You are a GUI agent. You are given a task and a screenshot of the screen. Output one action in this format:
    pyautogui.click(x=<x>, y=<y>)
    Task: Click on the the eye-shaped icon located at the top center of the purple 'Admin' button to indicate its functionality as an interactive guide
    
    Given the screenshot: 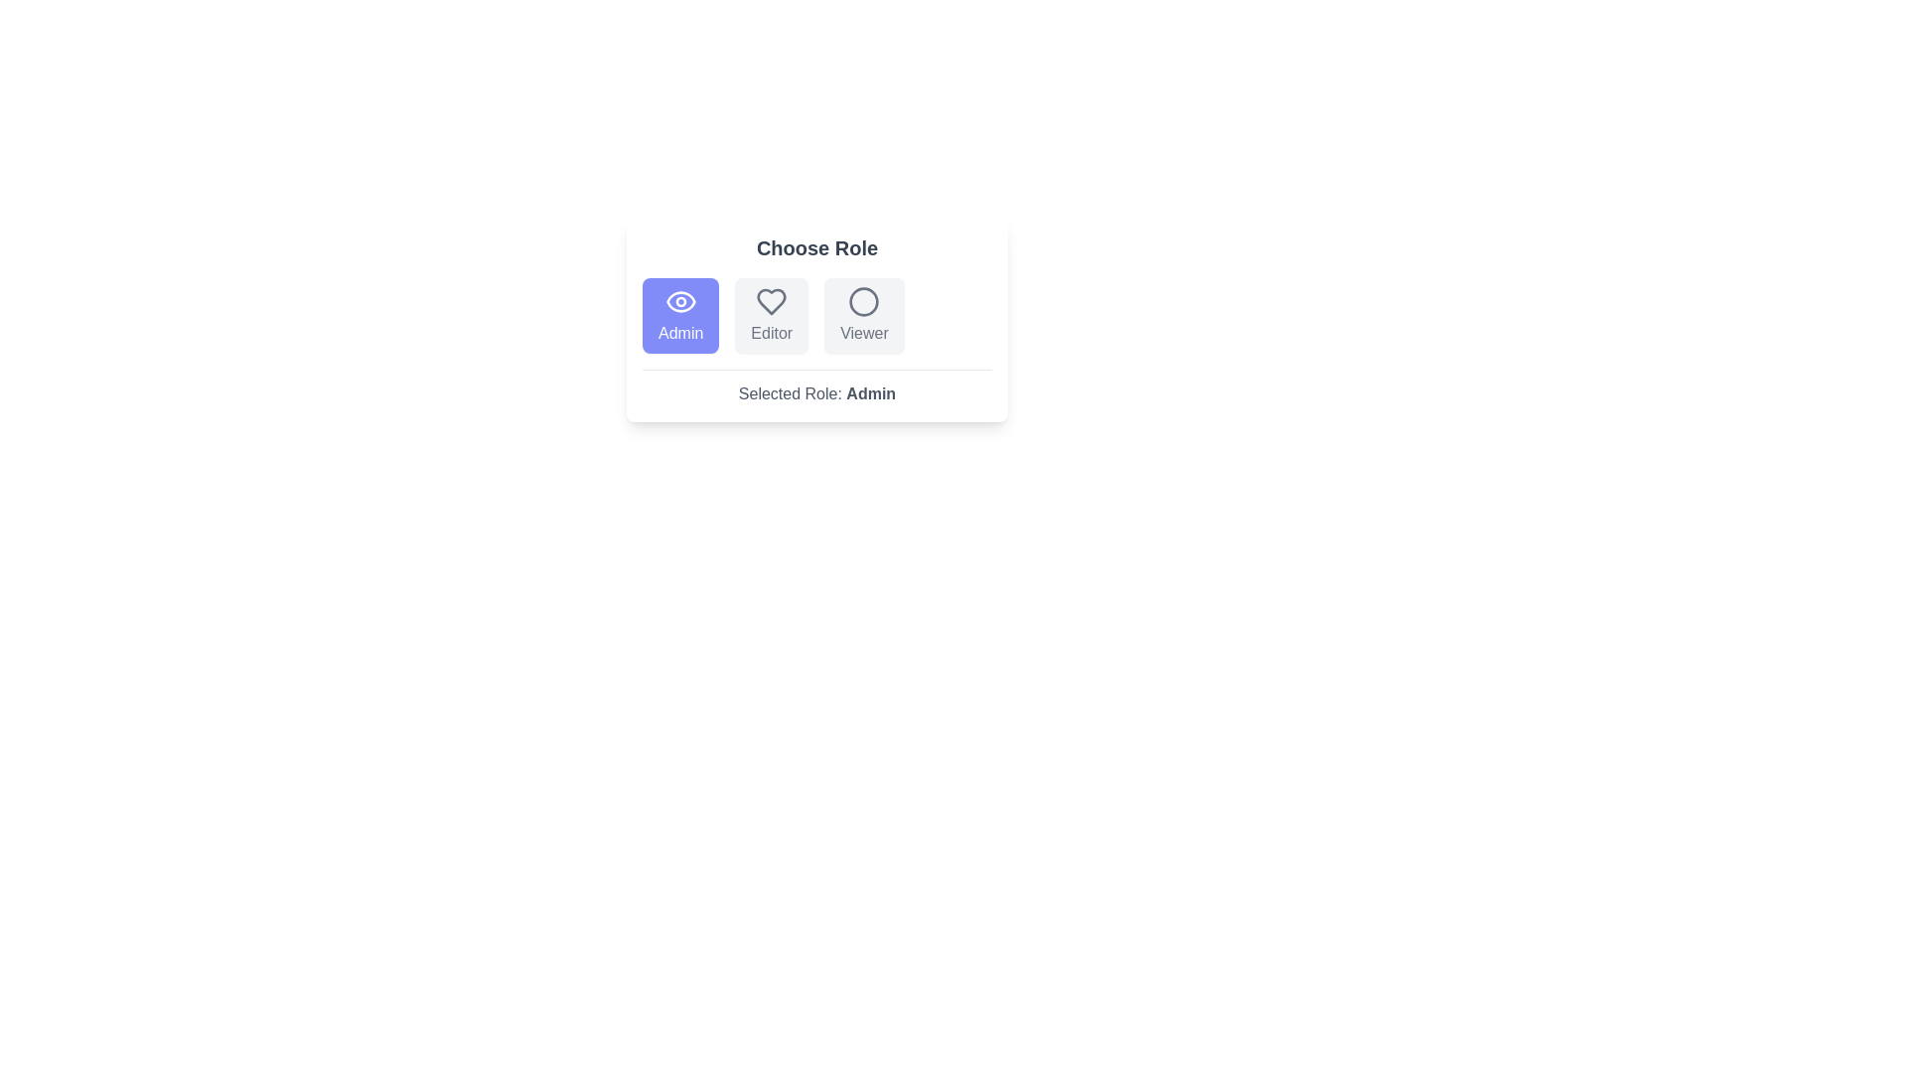 What is the action you would take?
    pyautogui.click(x=680, y=302)
    